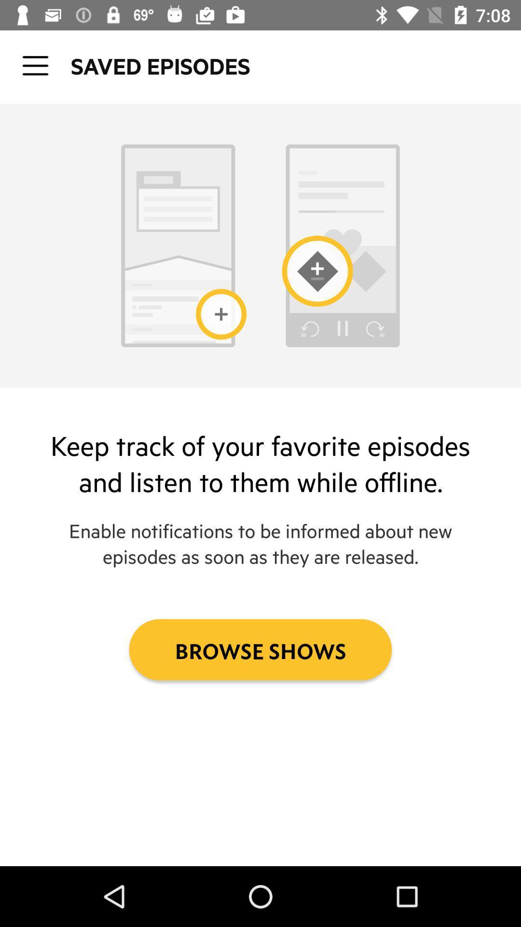 The image size is (521, 927). Describe the element at coordinates (35, 65) in the screenshot. I see `the item above keep track of icon` at that location.